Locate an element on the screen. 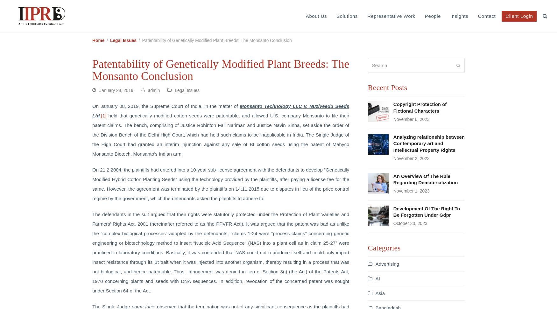  'On 21.2.2004, the plaintiffs had entered into a 10-year sub-license agreement with the defendants to develop “Genetically Modified Hybrid Cotton Planting Seeds” using the technology provided by the plaintiffs, after paying a license fee for the same. However, the agreement was terminated by the plaintiffs on 14.11.2015 due to disputes in lieu of the price control regime by the government, which the defendants asked the plaintiffs to adhere to.' is located at coordinates (221, 184).